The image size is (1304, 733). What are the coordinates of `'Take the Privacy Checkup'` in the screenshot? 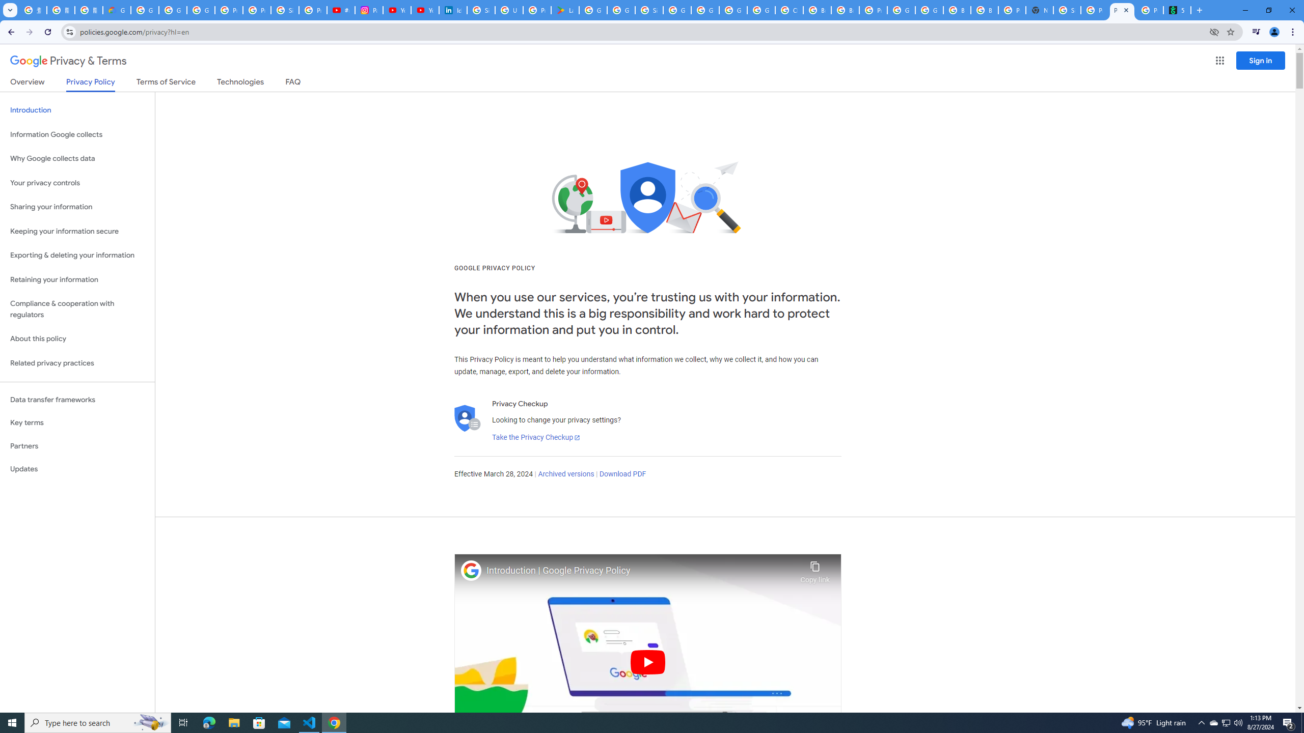 It's located at (535, 437).